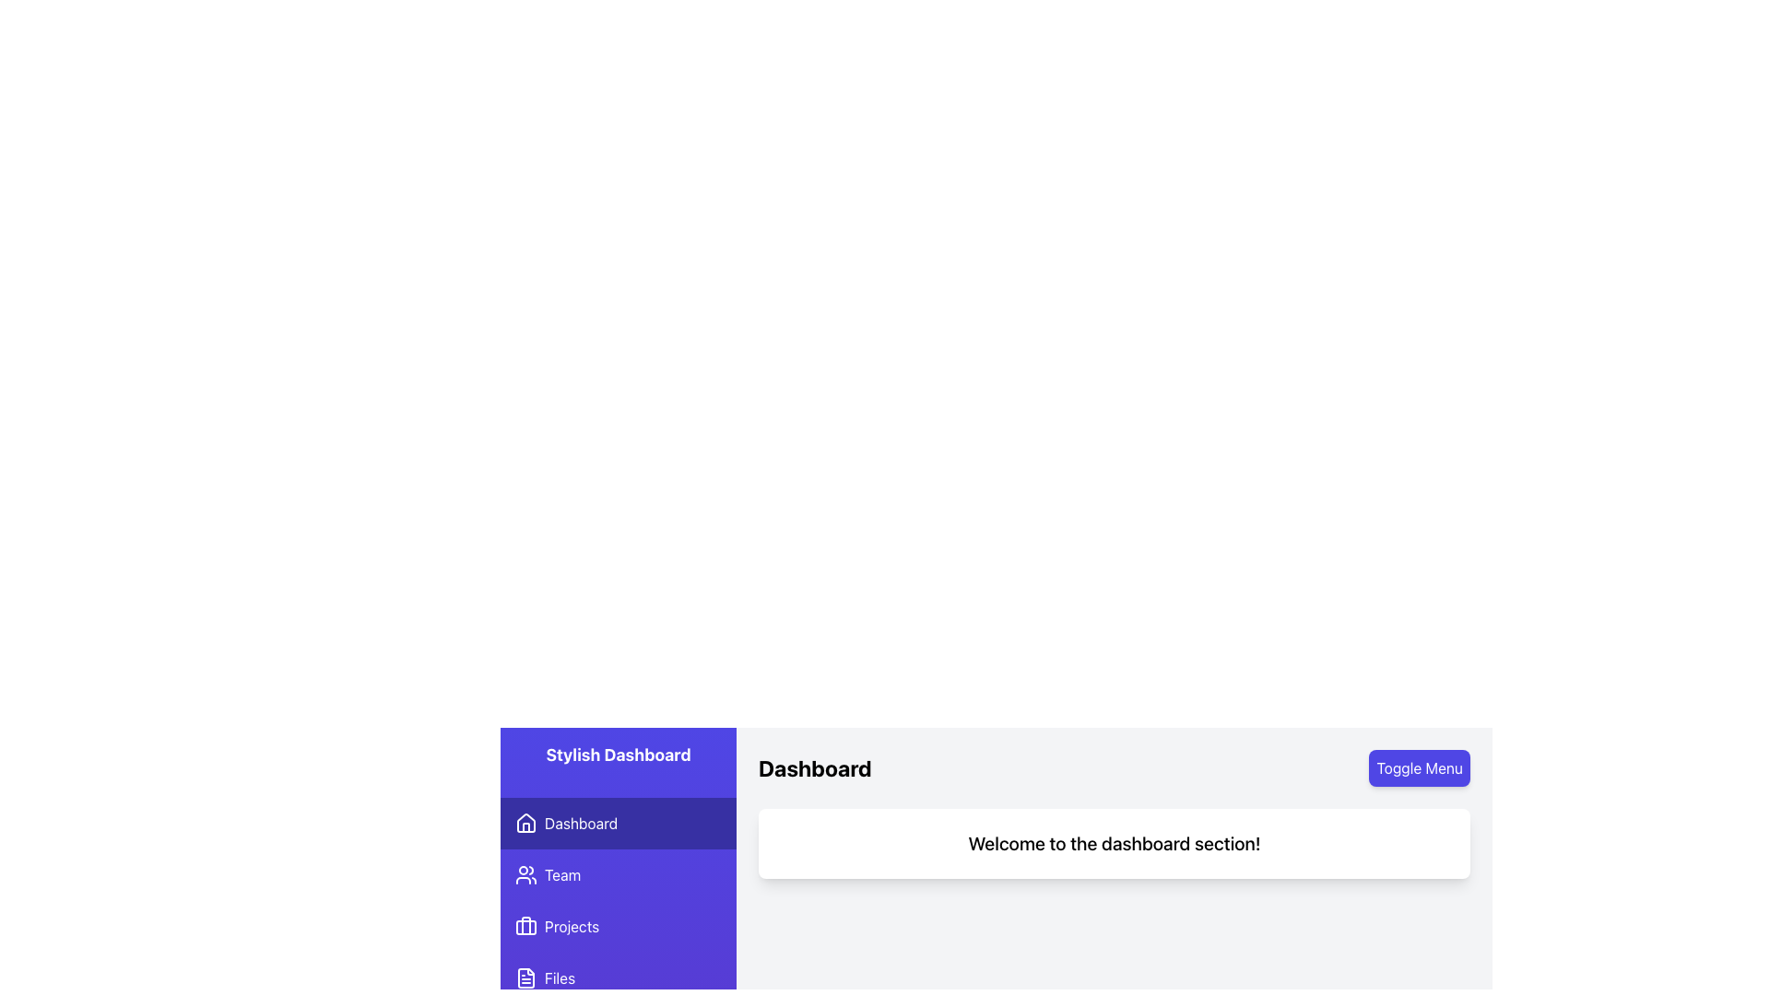 Image resolution: width=1770 pixels, height=995 pixels. I want to click on the 'Projects' navigation label in the third row of the vertical menu, so click(571, 927).